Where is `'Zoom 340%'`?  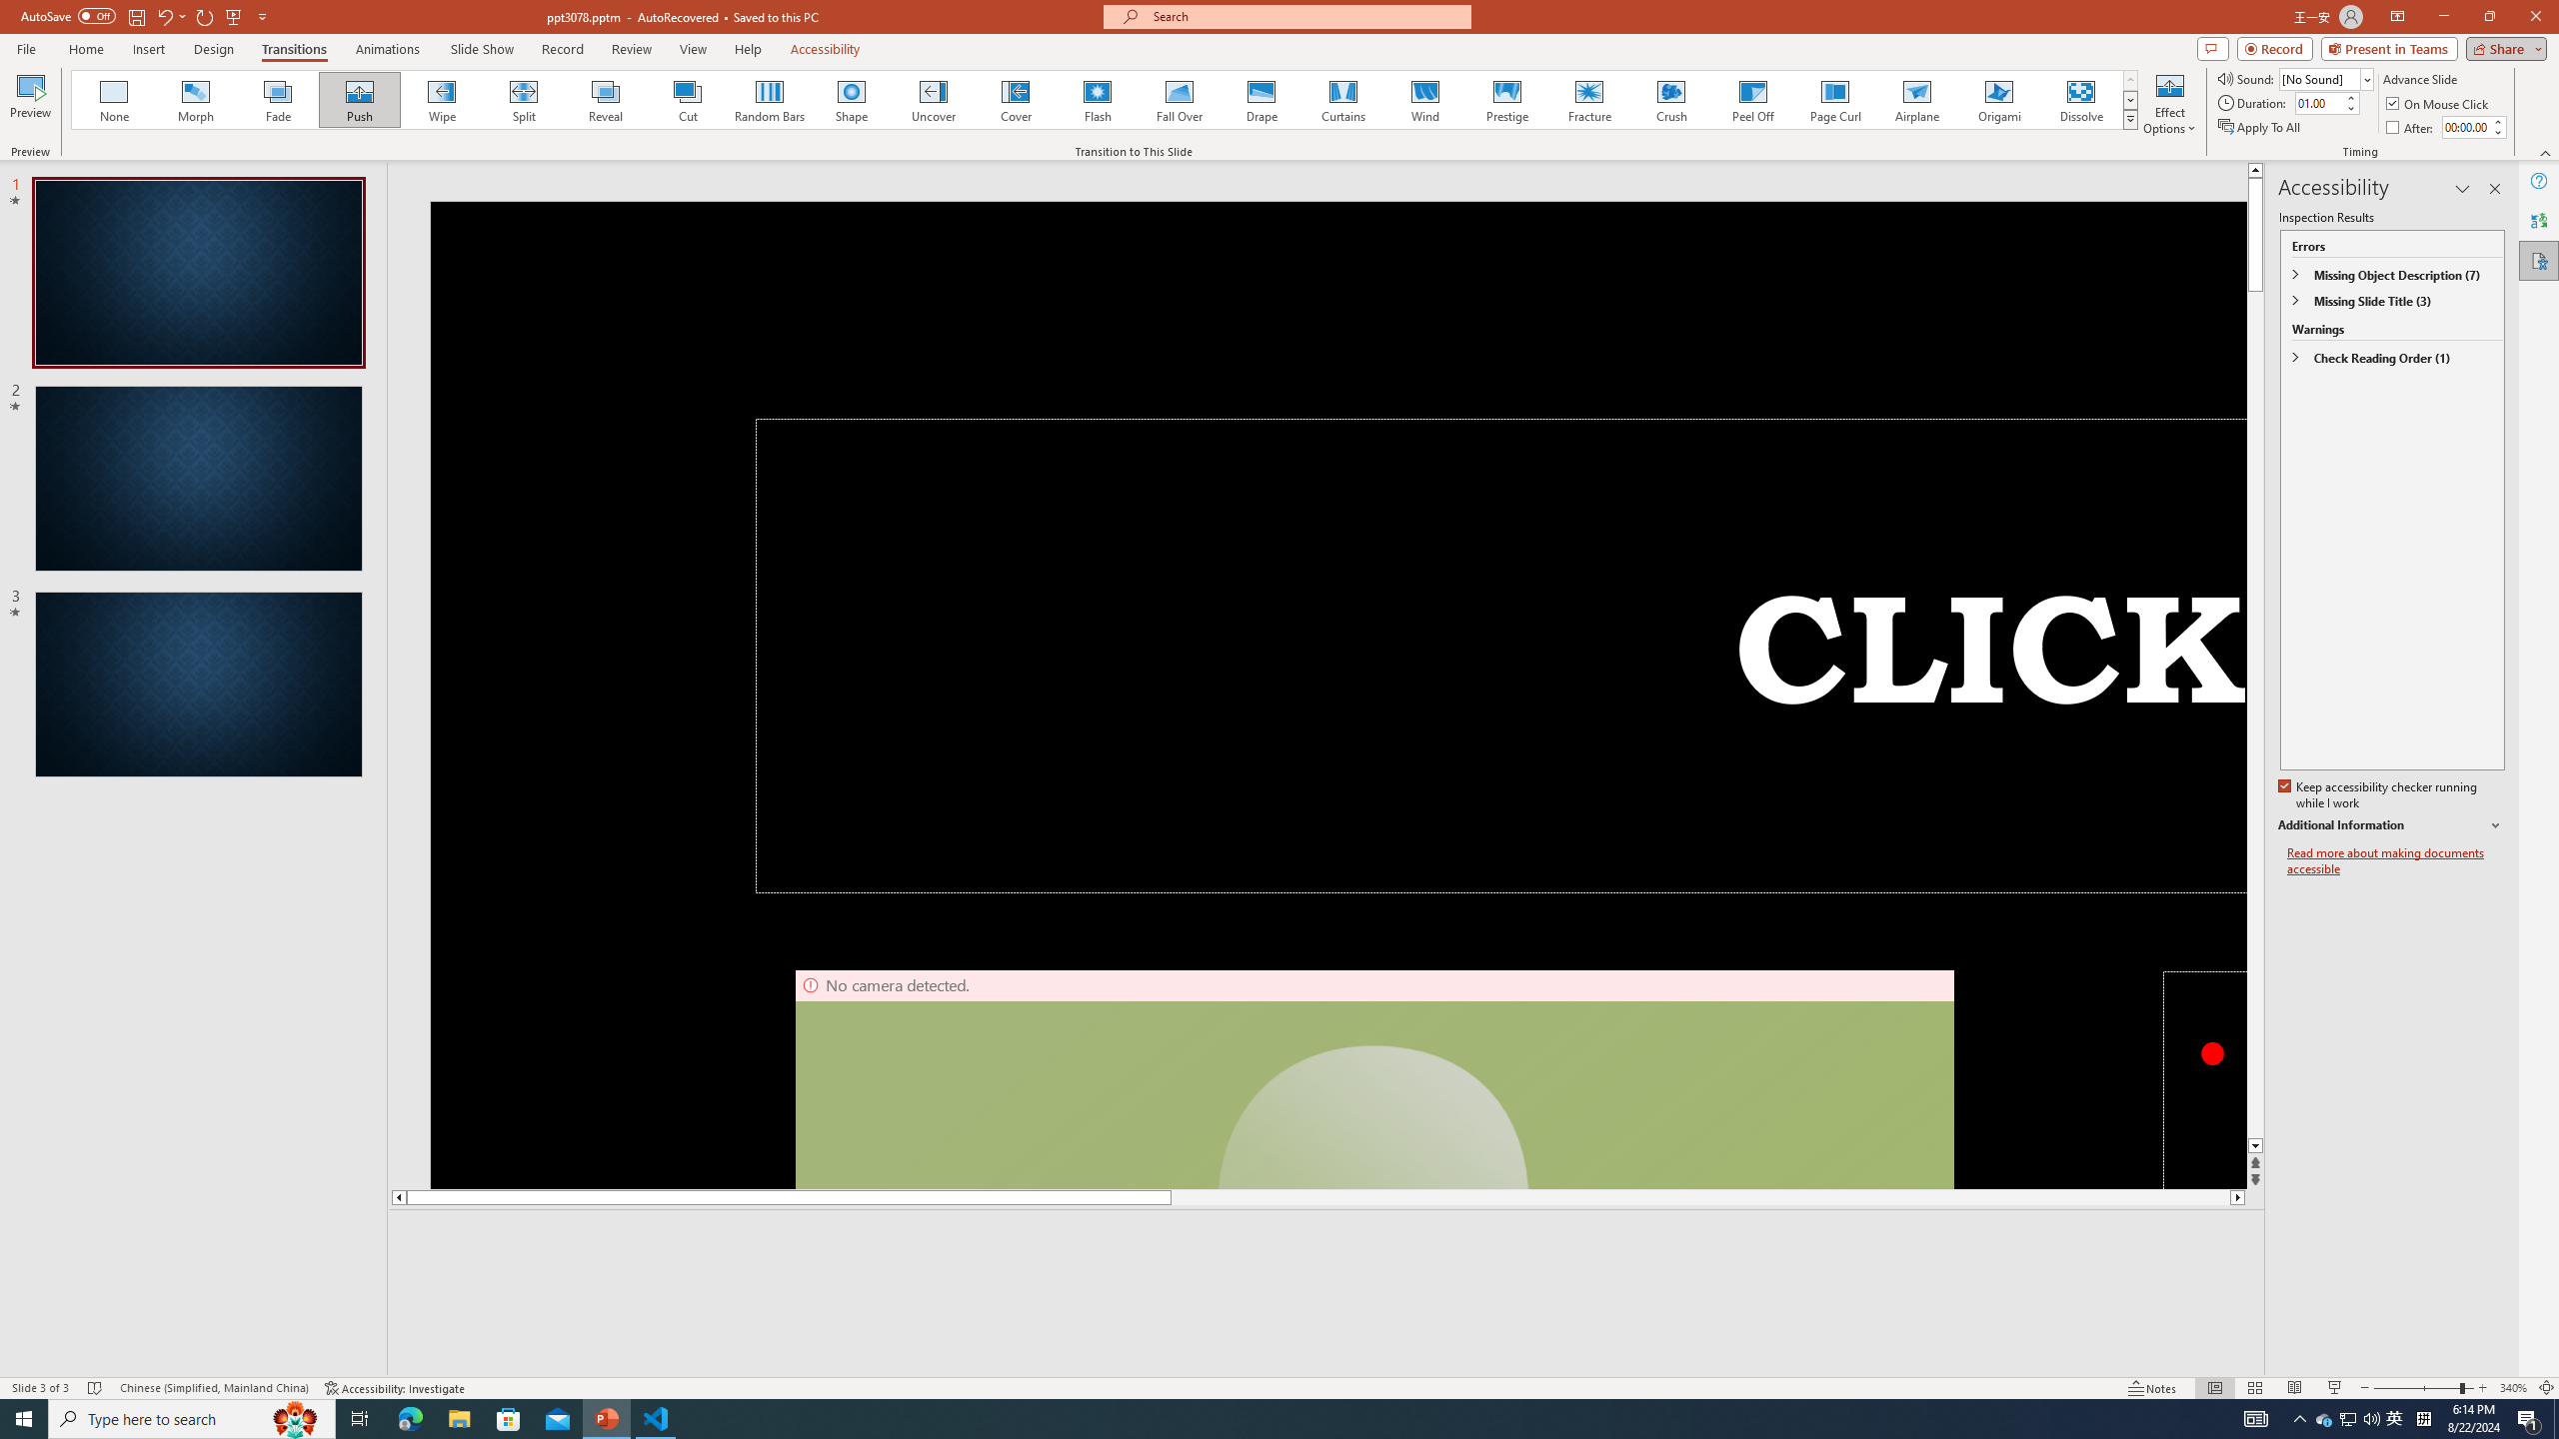
'Zoom 340%' is located at coordinates (2514, 1388).